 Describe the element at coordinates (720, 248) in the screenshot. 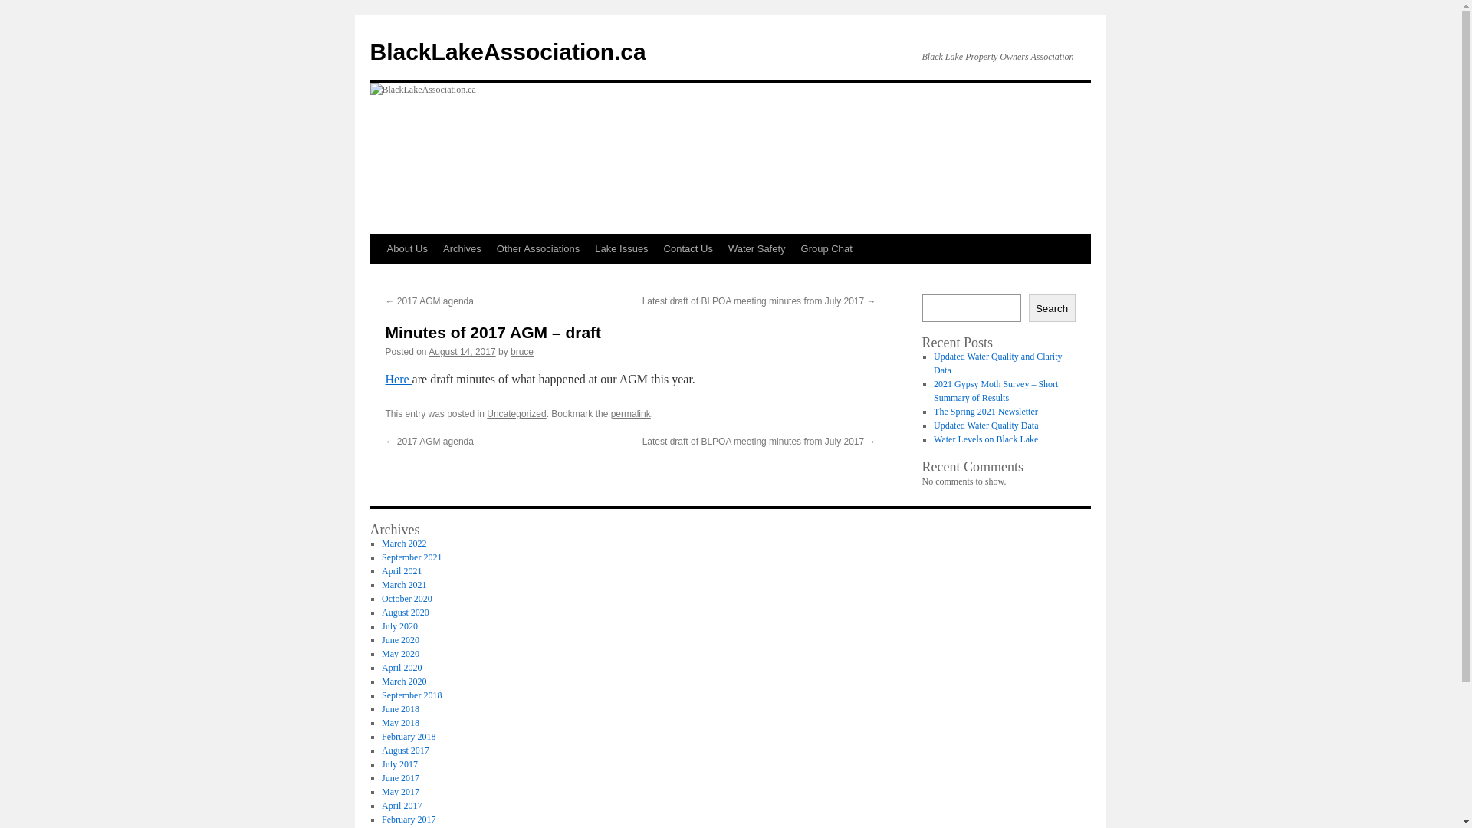

I see `'Water Safety'` at that location.